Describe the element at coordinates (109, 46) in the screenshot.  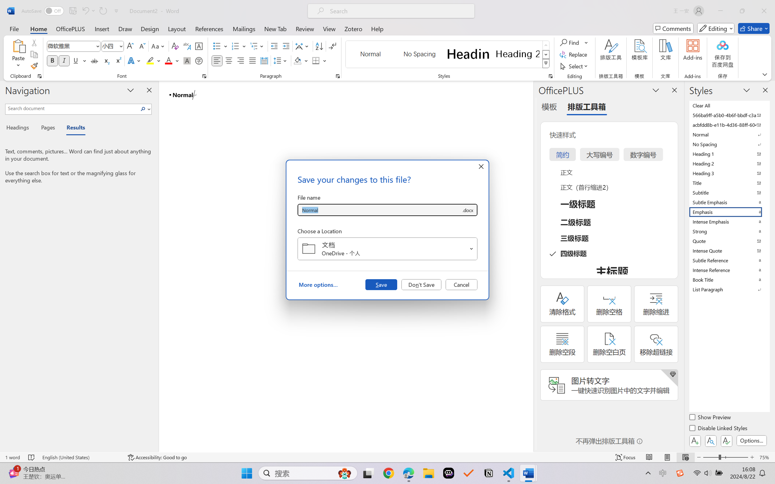
I see `'Font Size'` at that location.